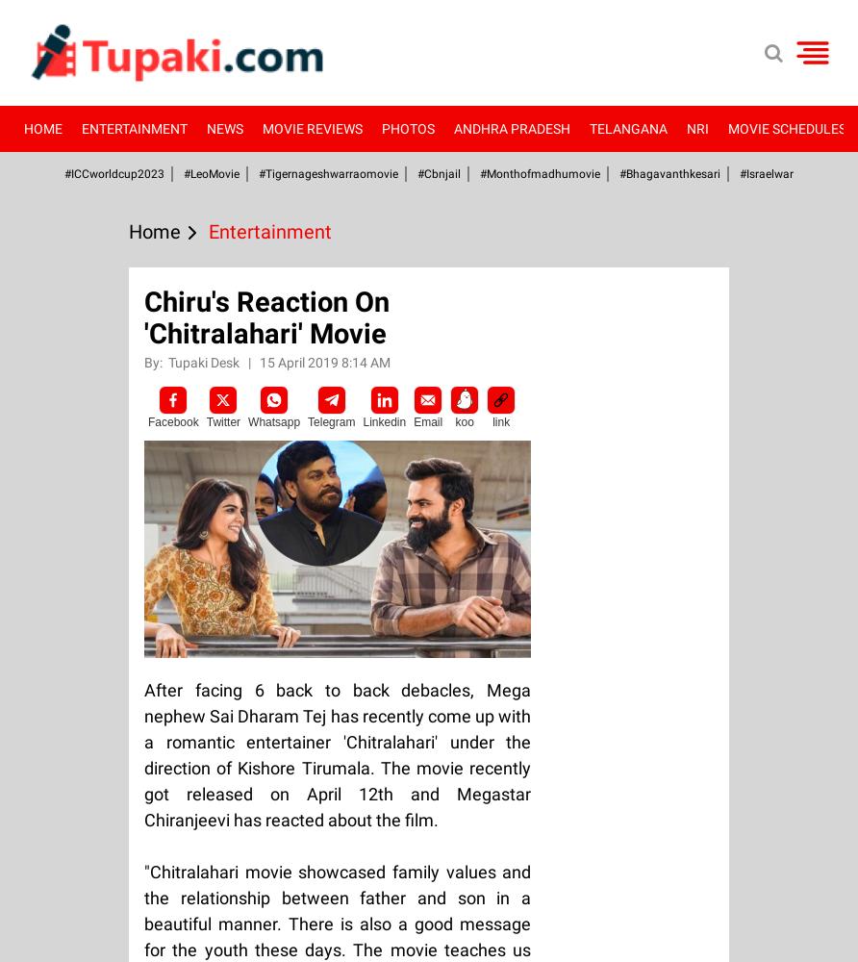 This screenshot has width=858, height=962. What do you see at coordinates (501, 421) in the screenshot?
I see `'link'` at bounding box center [501, 421].